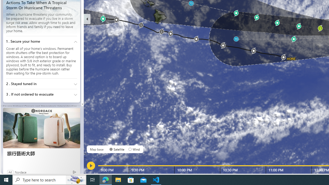  Describe the element at coordinates (130, 149) in the screenshot. I see `'AutomationID: radioButton-DS-EntryPoint1-1-layer-subtype-0-1'` at that location.